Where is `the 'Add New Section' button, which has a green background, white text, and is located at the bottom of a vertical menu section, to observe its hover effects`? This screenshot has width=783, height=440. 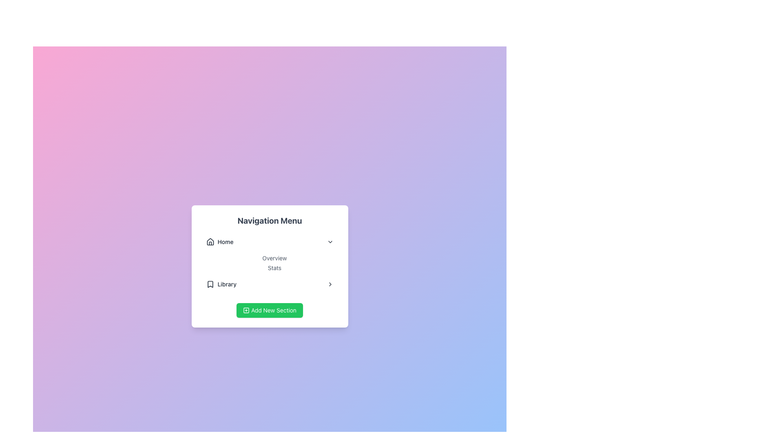 the 'Add New Section' button, which has a green background, white text, and is located at the bottom of a vertical menu section, to observe its hover effects is located at coordinates (270, 307).